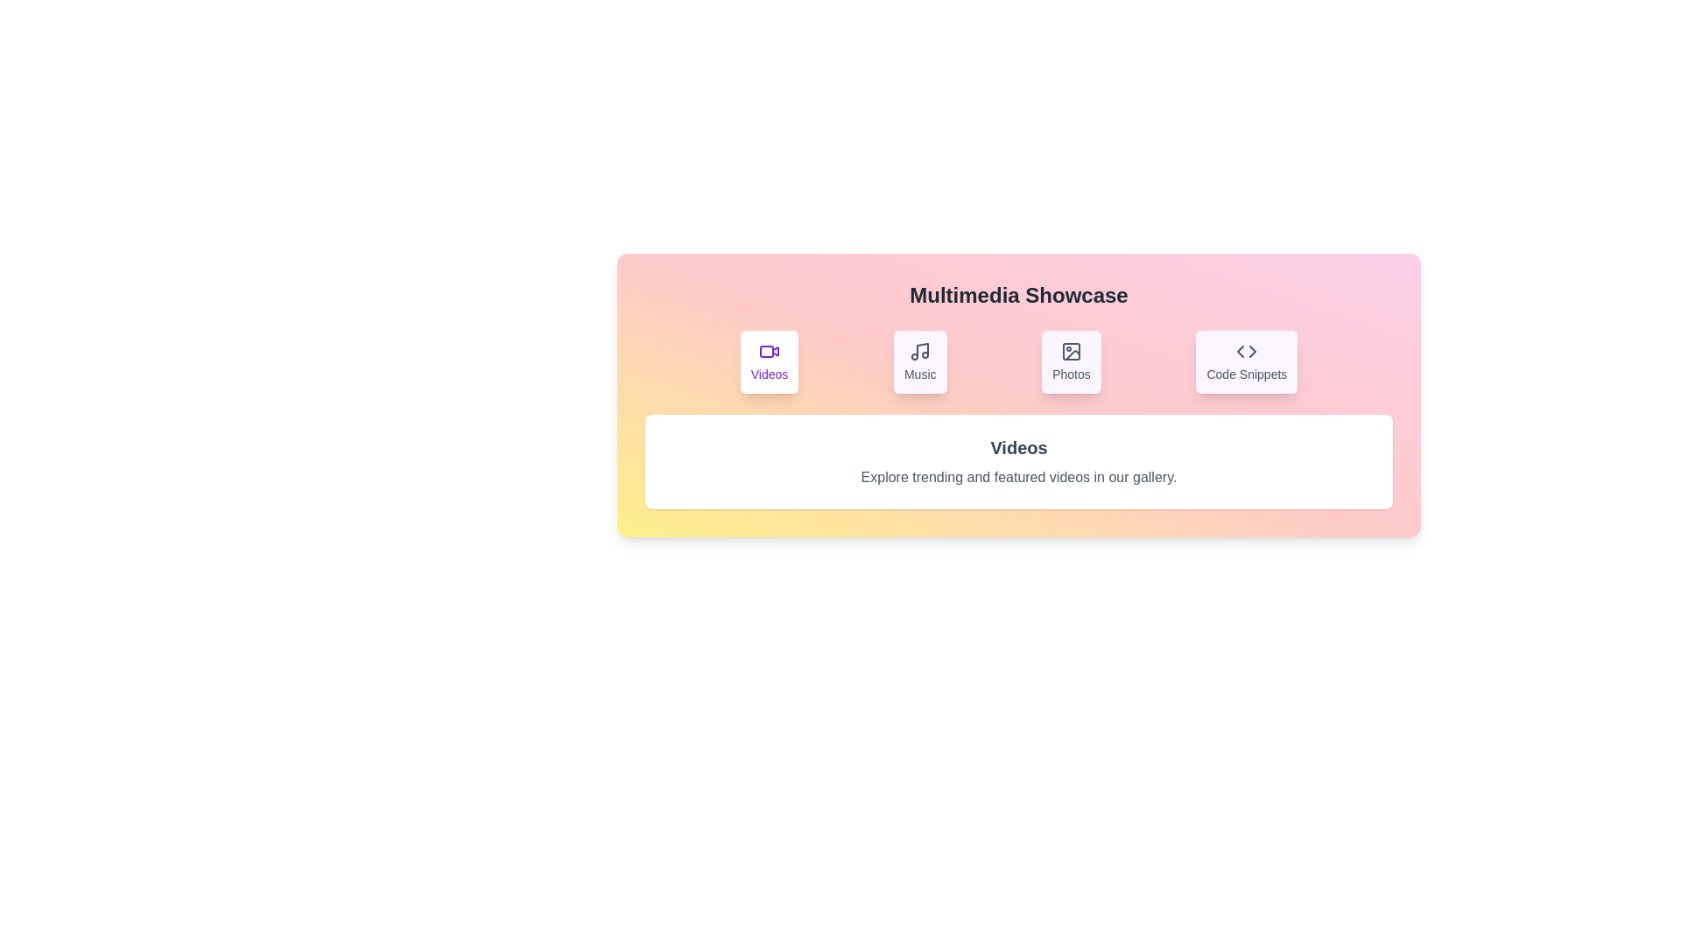 Image resolution: width=1681 pixels, height=945 pixels. I want to click on the tab labeled Code Snippets to switch the content, so click(1246, 360).